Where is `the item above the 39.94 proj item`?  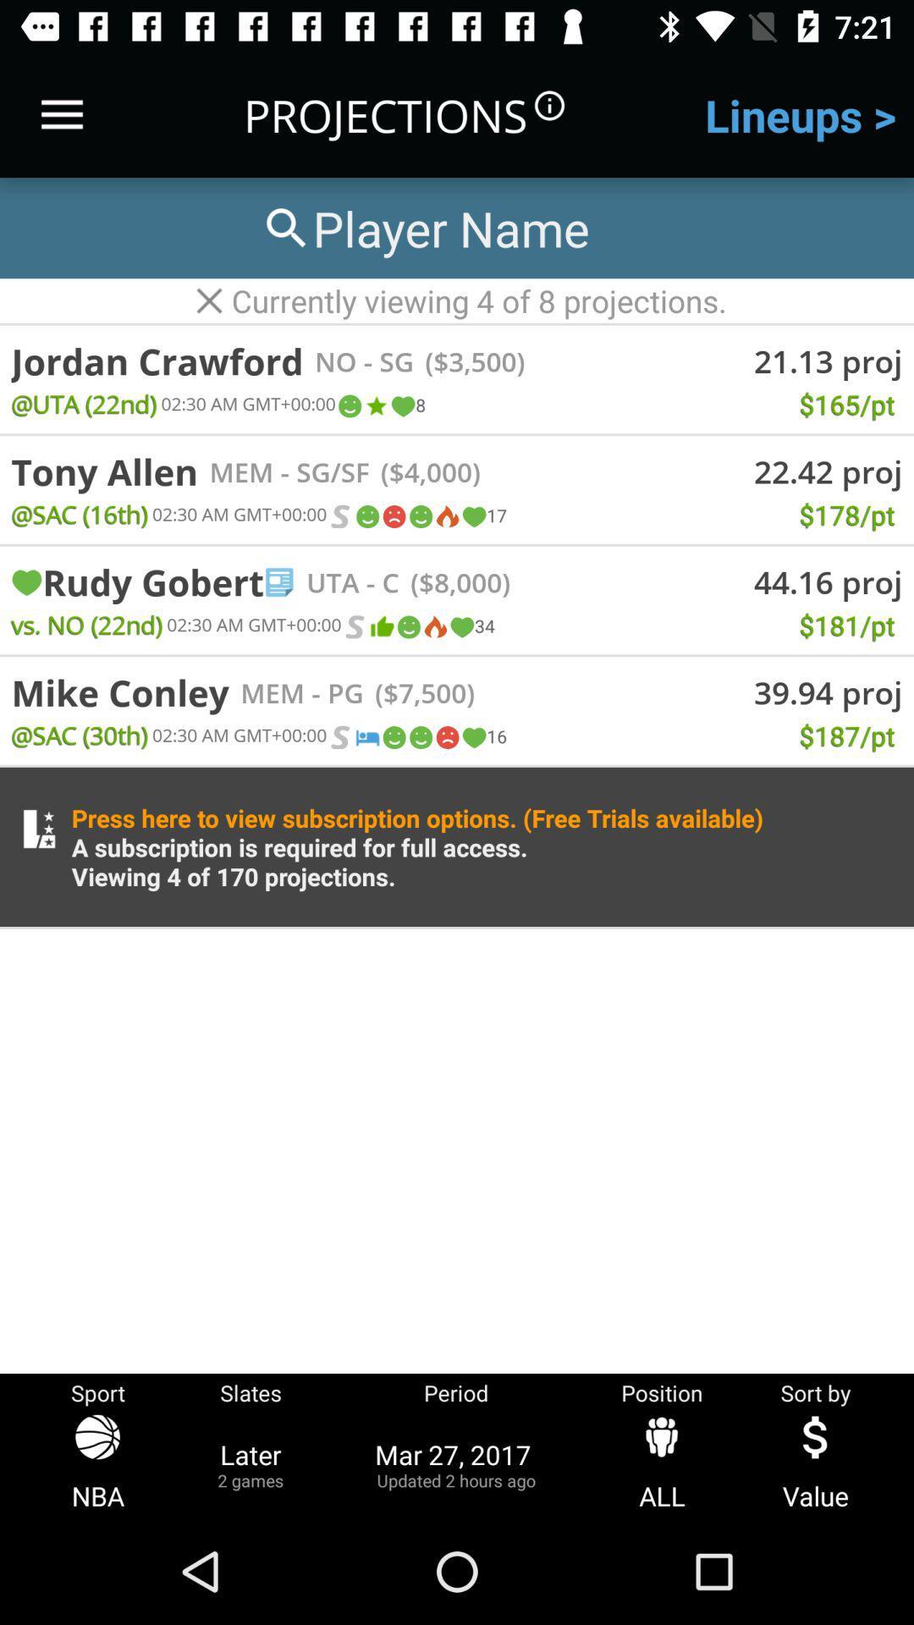
the item above the 39.94 proj item is located at coordinates (614, 669).